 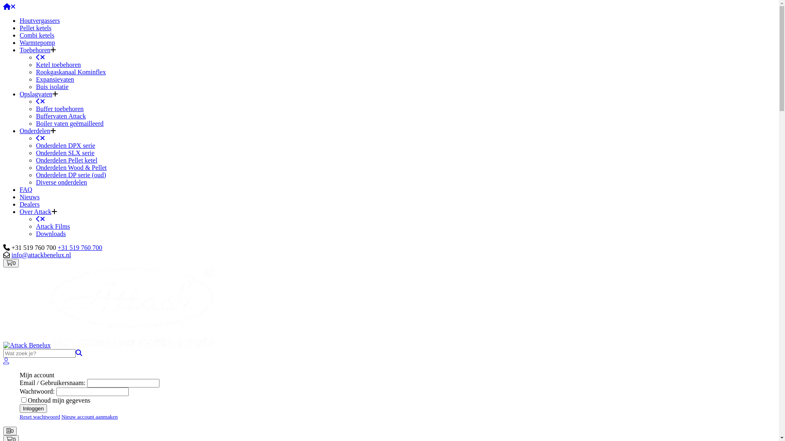 What do you see at coordinates (39, 416) in the screenshot?
I see `'Reset wachtwoord'` at bounding box center [39, 416].